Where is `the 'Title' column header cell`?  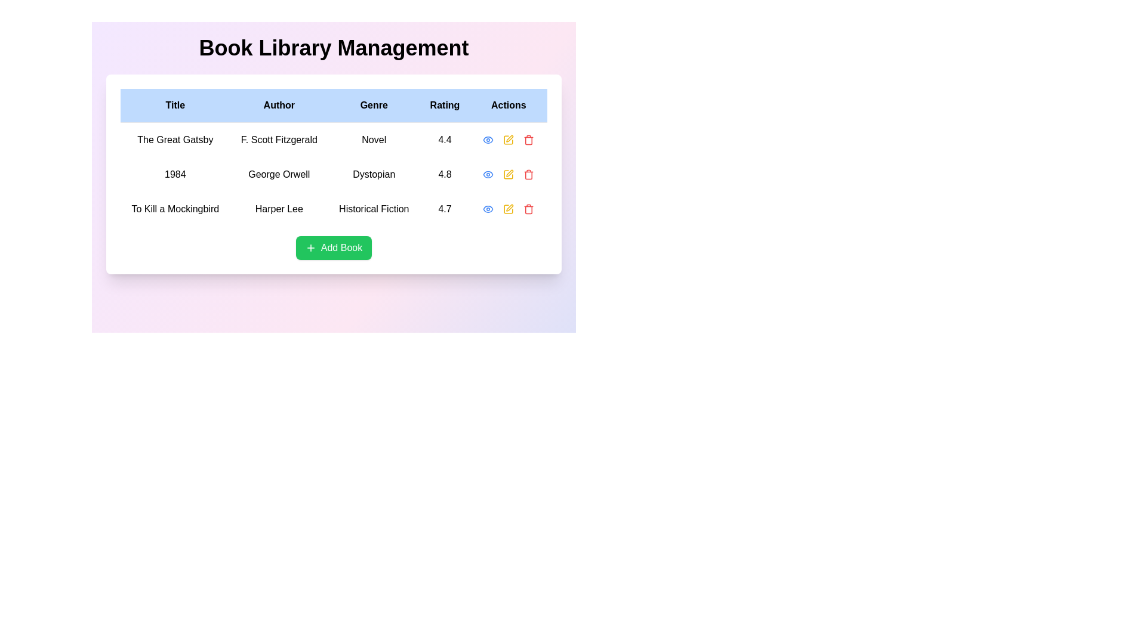
the 'Title' column header cell is located at coordinates (174, 105).